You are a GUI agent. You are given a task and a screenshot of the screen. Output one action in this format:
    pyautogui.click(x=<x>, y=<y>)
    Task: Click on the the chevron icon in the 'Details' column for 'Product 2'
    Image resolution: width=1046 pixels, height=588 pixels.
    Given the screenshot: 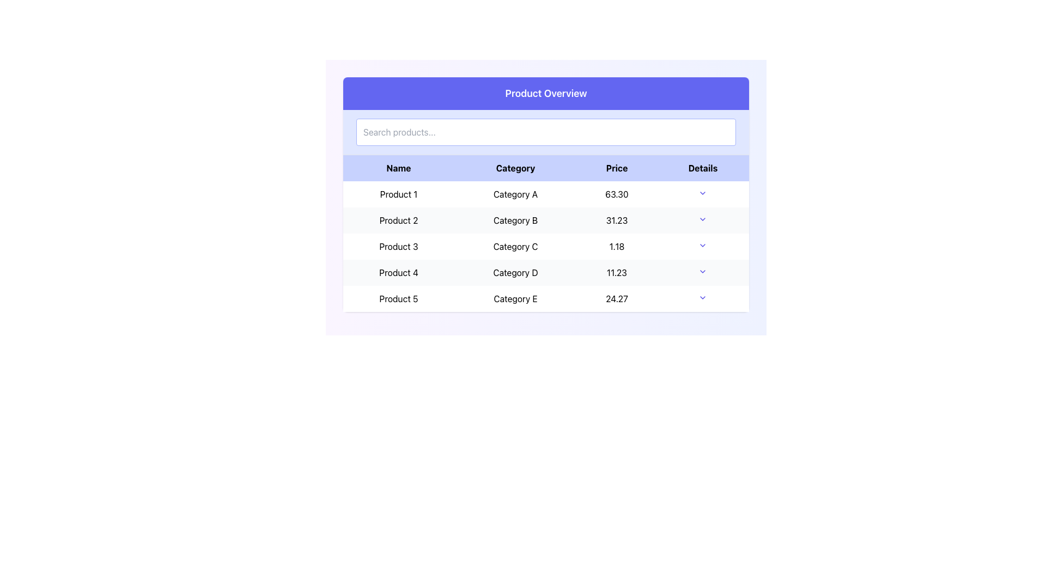 What is the action you would take?
    pyautogui.click(x=703, y=220)
    